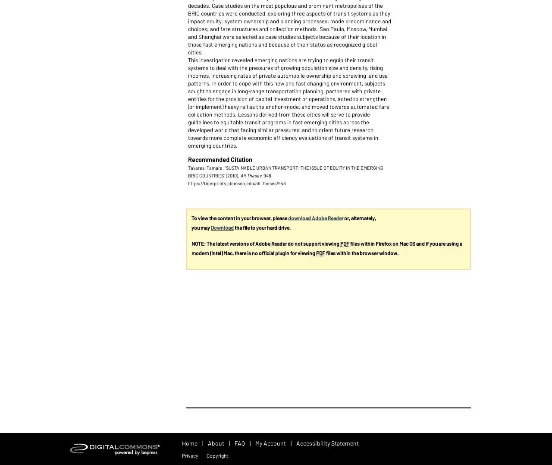 The image size is (552, 465). Describe the element at coordinates (216, 442) in the screenshot. I see `'About'` at that location.